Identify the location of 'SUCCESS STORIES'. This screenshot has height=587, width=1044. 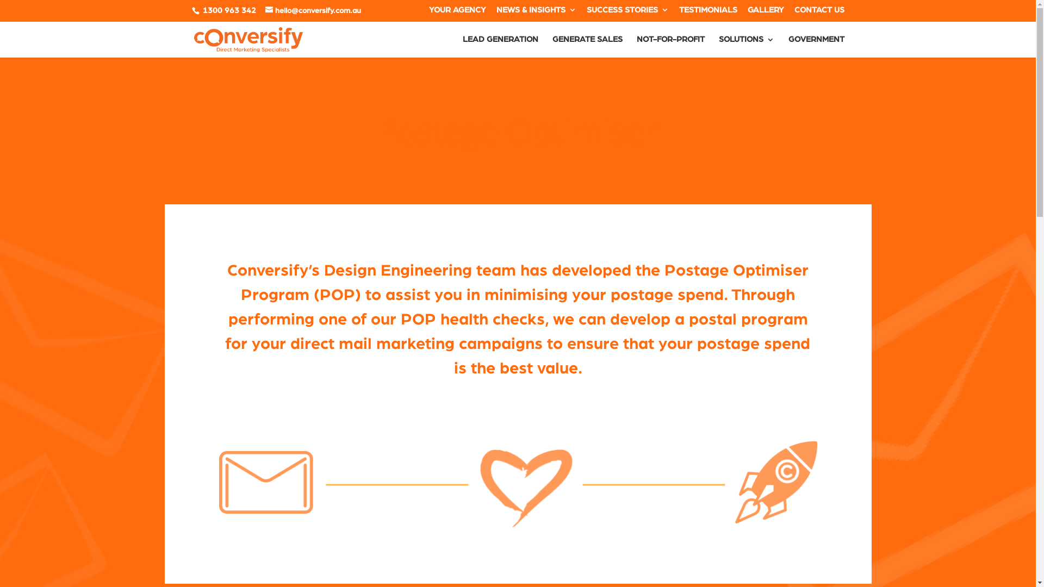
(627, 13).